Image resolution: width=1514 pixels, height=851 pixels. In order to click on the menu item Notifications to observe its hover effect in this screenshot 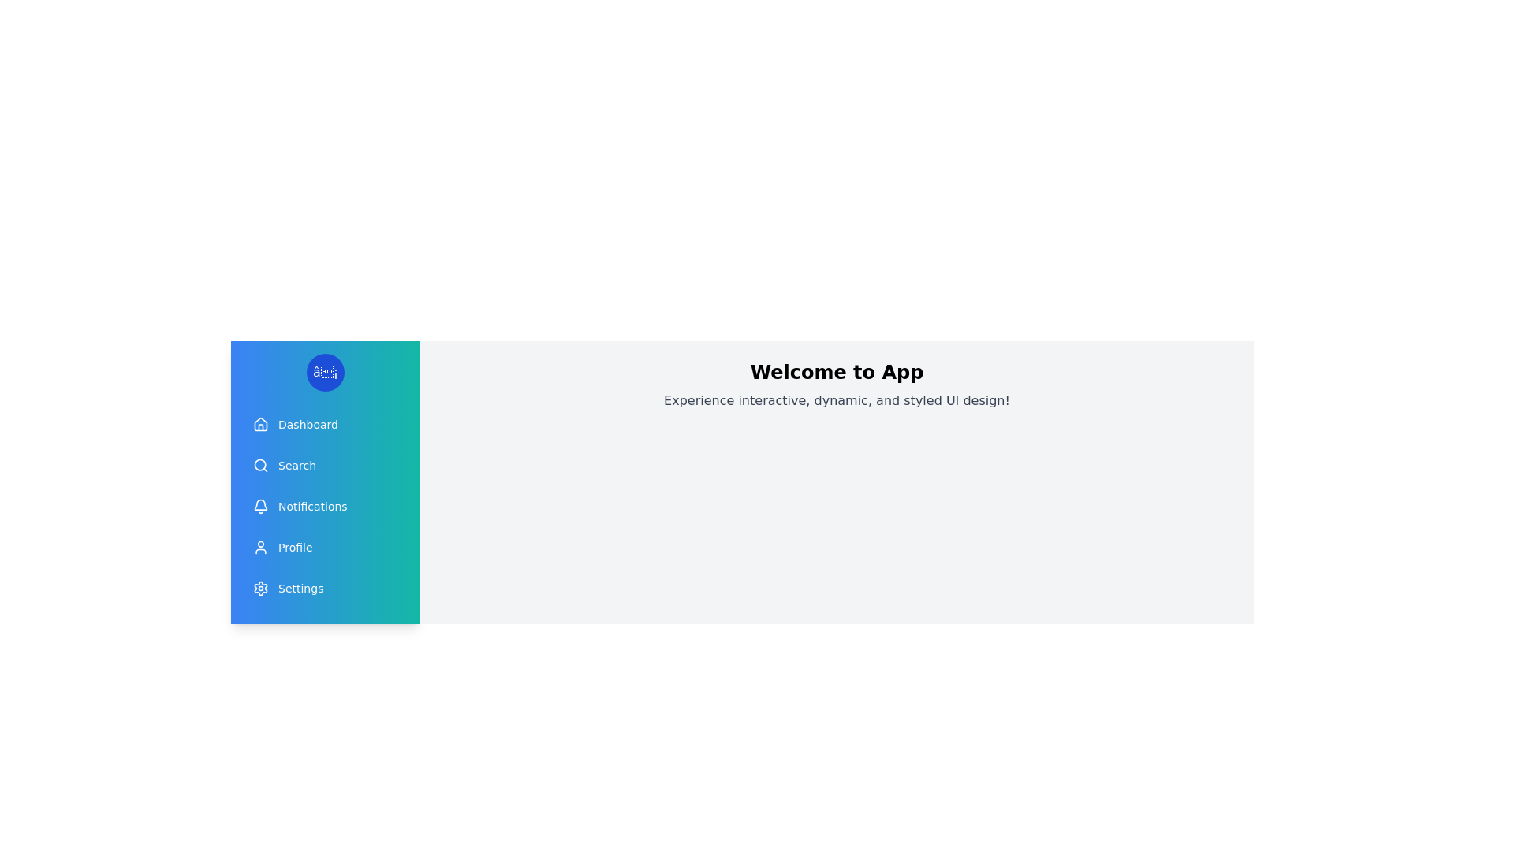, I will do `click(324, 507)`.